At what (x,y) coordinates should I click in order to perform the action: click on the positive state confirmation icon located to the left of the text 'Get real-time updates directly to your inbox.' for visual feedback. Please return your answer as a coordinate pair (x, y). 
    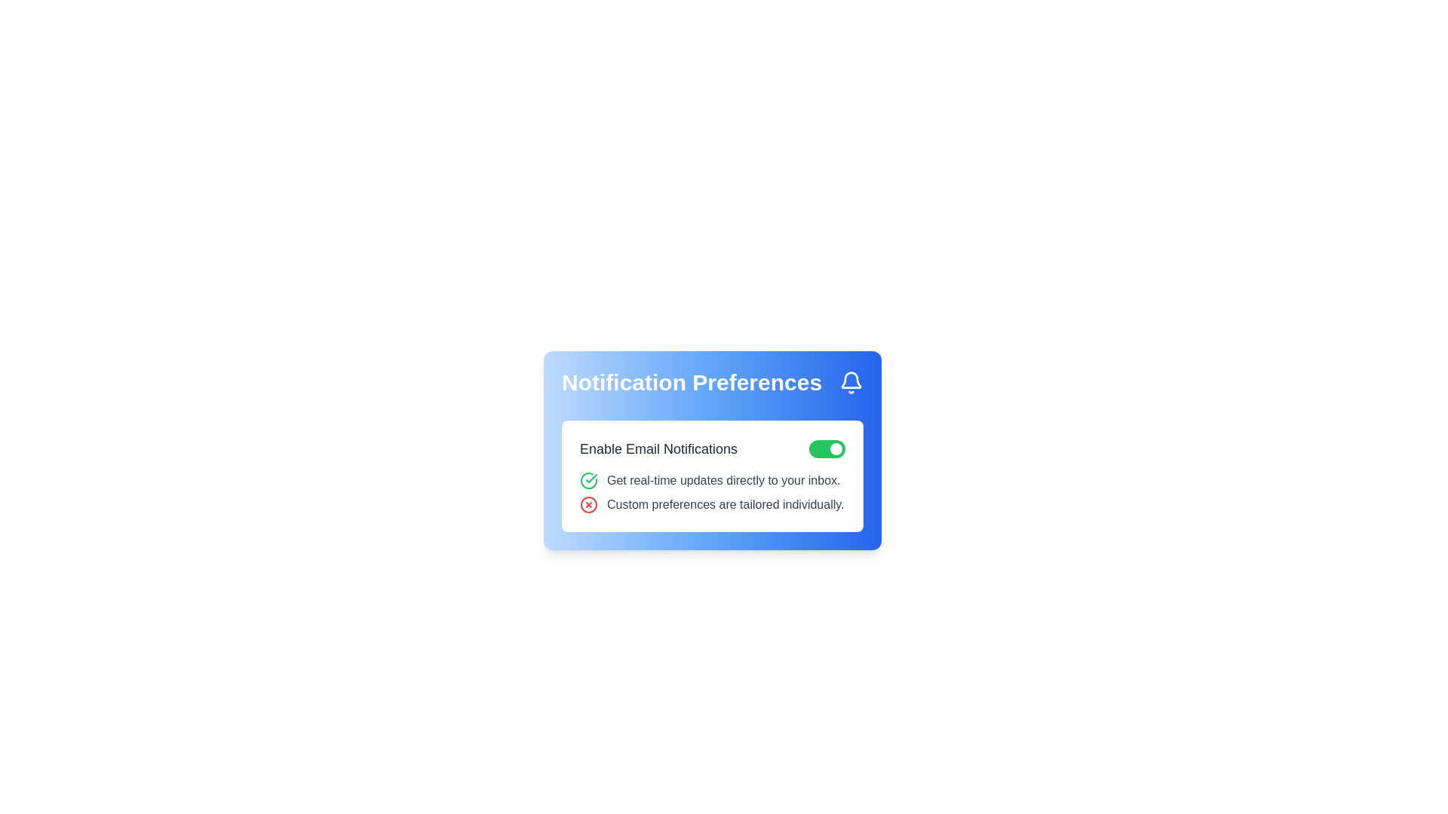
    Looking at the image, I should click on (588, 480).